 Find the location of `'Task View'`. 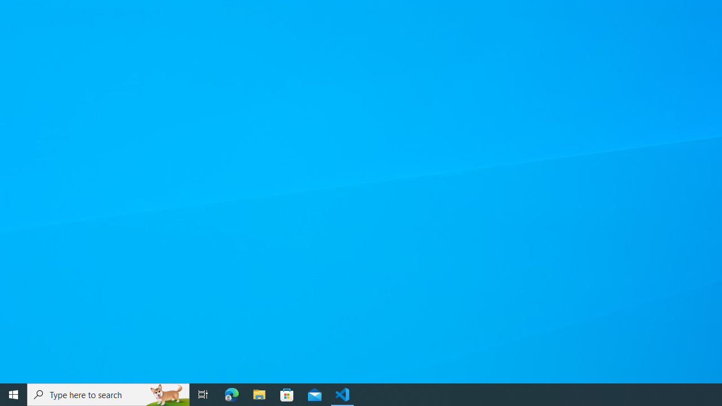

'Task View' is located at coordinates (202, 394).